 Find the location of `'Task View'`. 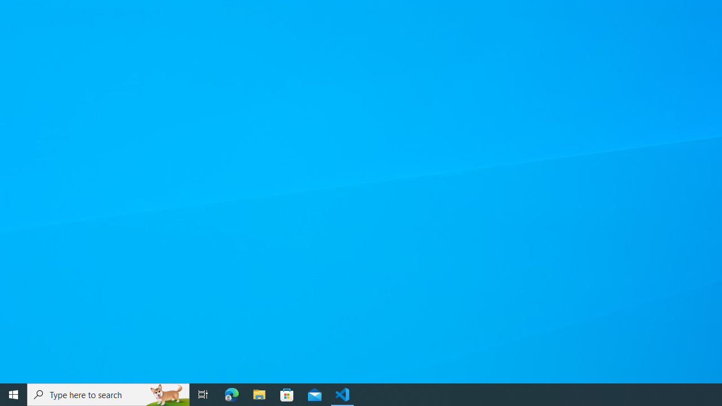

'Task View' is located at coordinates (202, 394).